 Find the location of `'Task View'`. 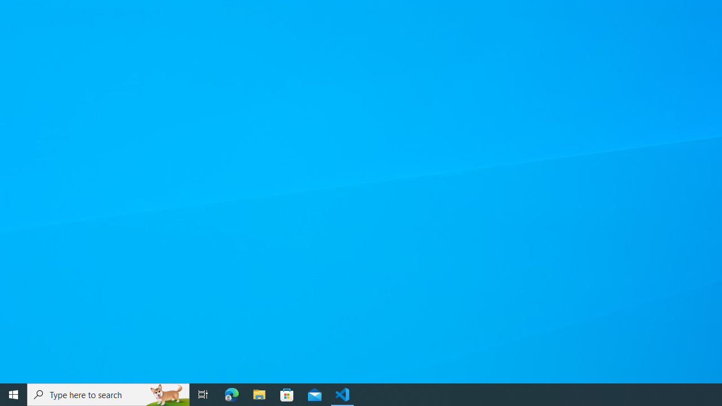

'Task View' is located at coordinates (202, 394).